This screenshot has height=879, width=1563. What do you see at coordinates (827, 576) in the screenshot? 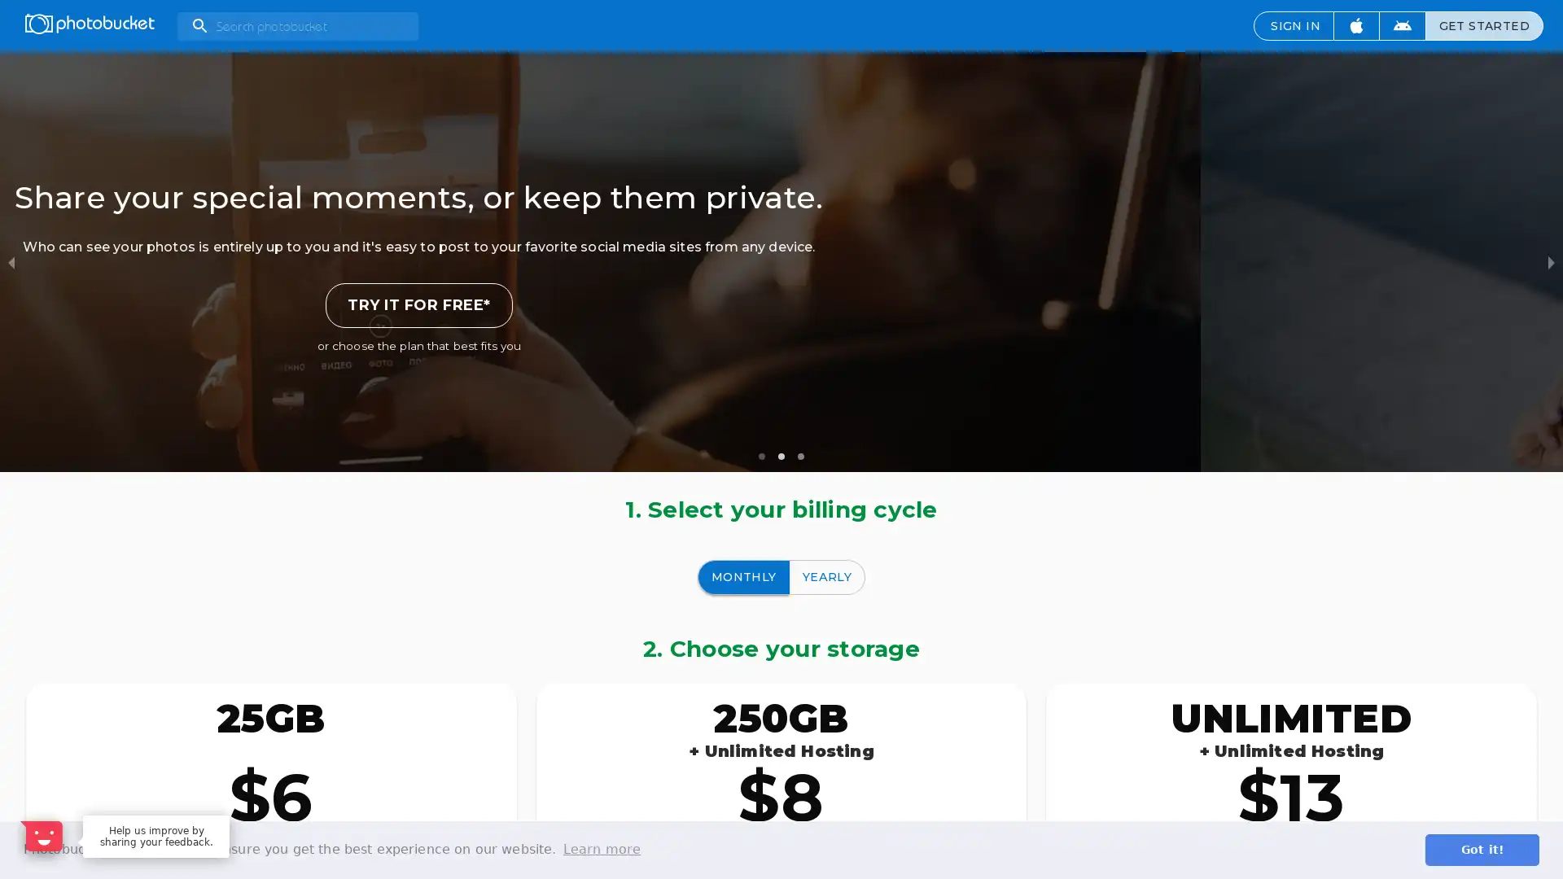
I see `YEARLY` at bounding box center [827, 576].